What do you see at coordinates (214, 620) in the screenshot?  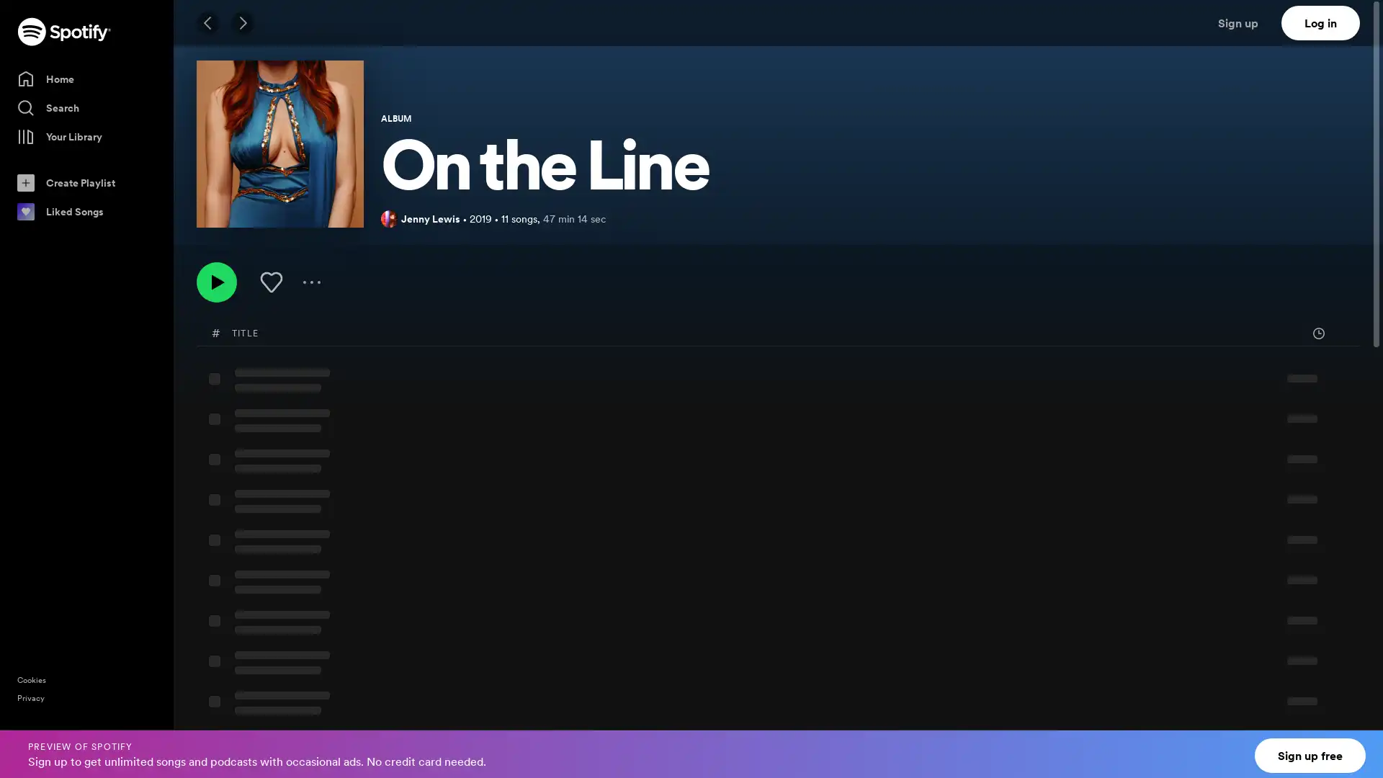 I see `Play Party Clown by Jenny Lewis` at bounding box center [214, 620].